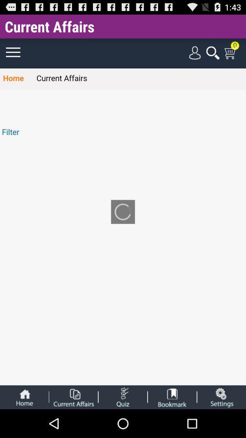 This screenshot has height=438, width=246. I want to click on the app below current affairs, so click(123, 212).